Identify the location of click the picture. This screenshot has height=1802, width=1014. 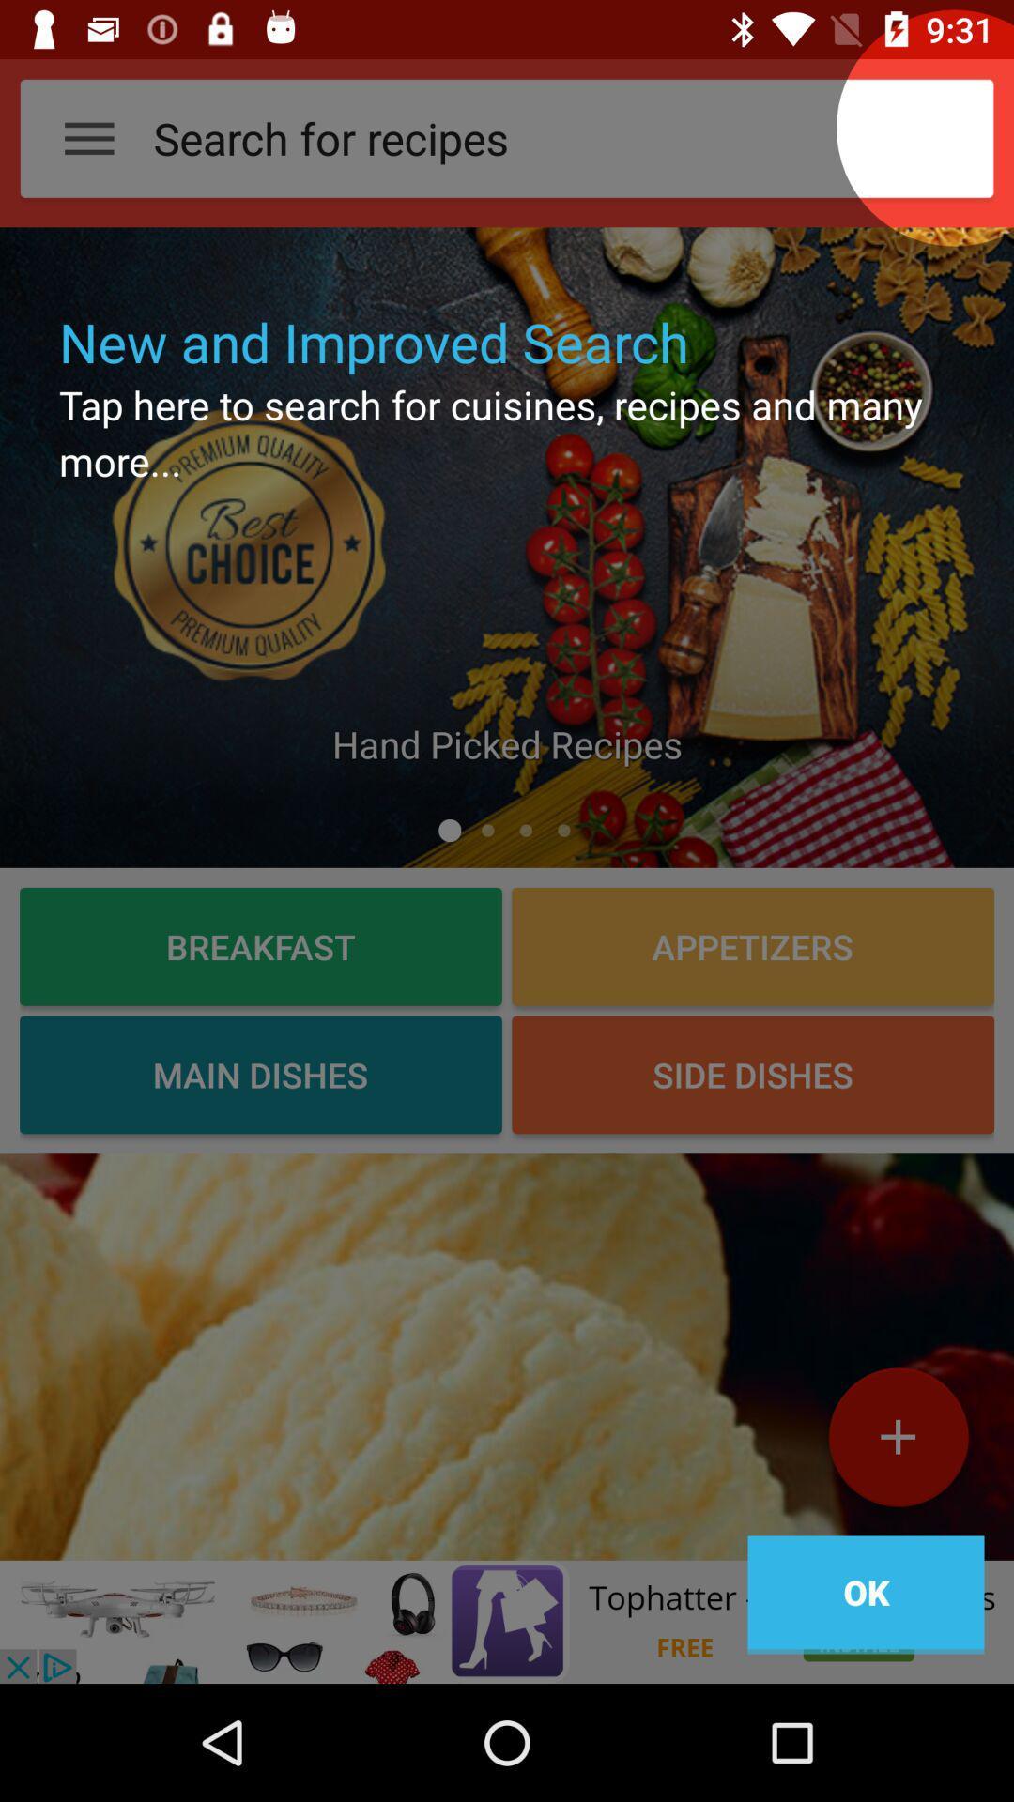
(507, 546).